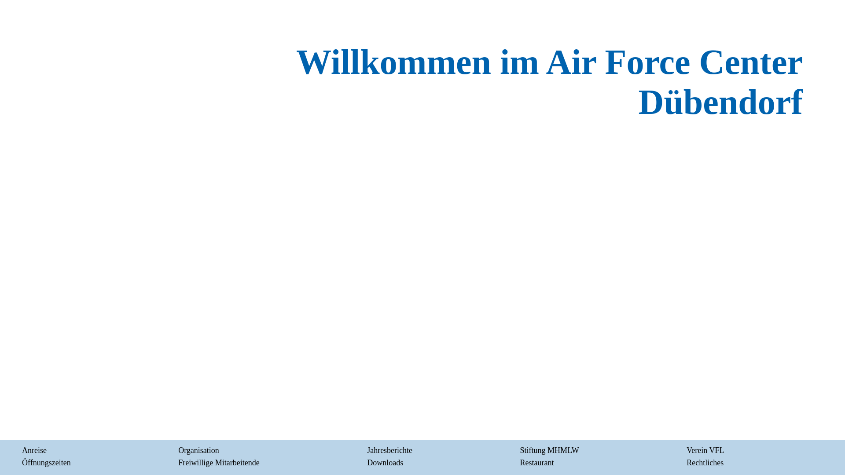  I want to click on 'Freiwillige Mitarbeitende', so click(219, 462).